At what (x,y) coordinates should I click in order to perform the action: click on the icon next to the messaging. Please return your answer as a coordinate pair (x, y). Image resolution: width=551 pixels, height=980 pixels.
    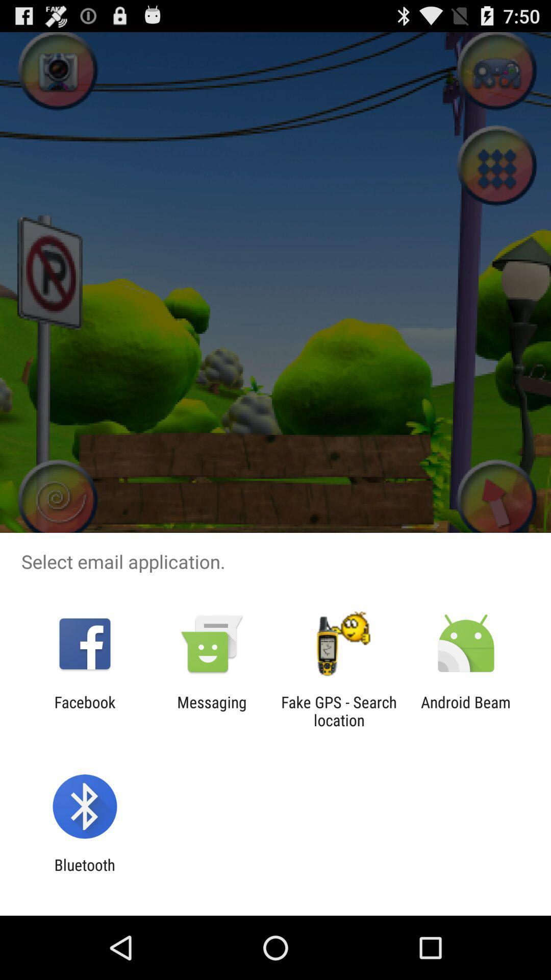
    Looking at the image, I should click on (339, 710).